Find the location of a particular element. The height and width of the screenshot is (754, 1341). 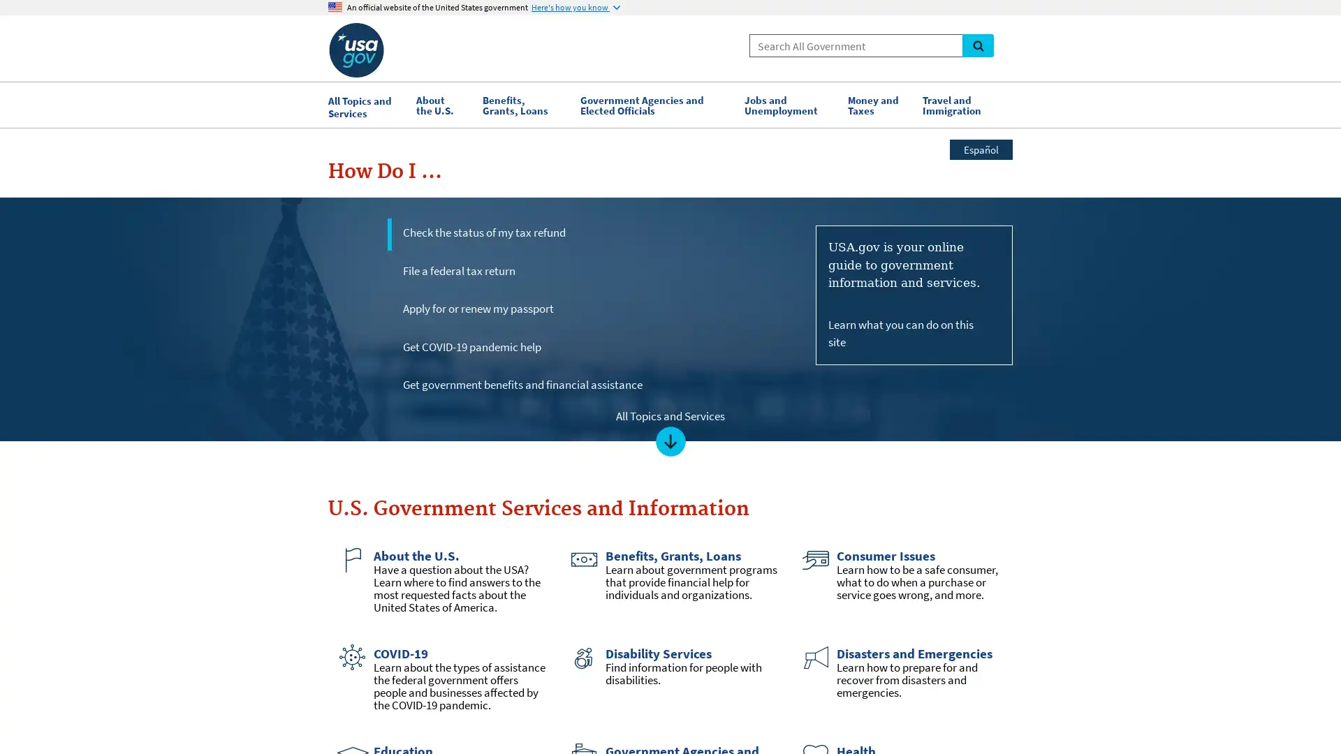

Money and Taxes is located at coordinates (877, 104).